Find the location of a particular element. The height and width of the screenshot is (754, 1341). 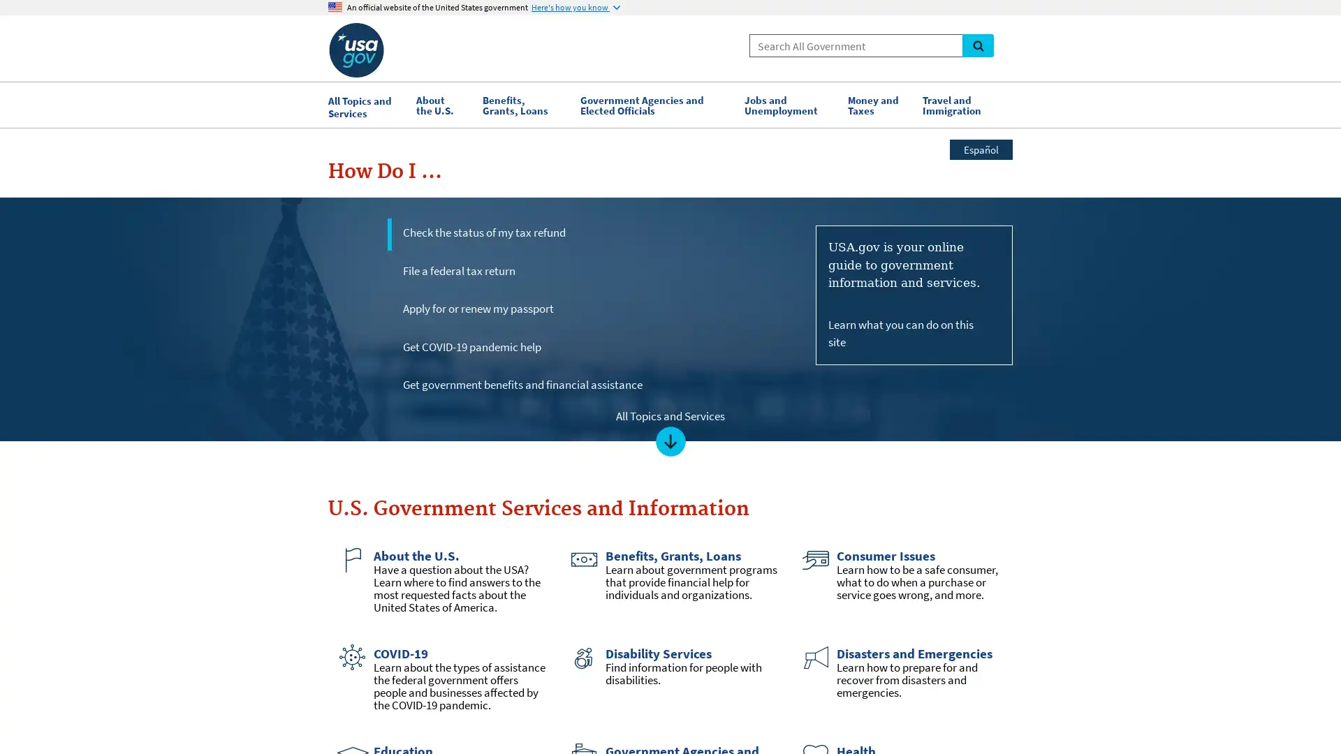

Money and Taxes is located at coordinates (877, 104).